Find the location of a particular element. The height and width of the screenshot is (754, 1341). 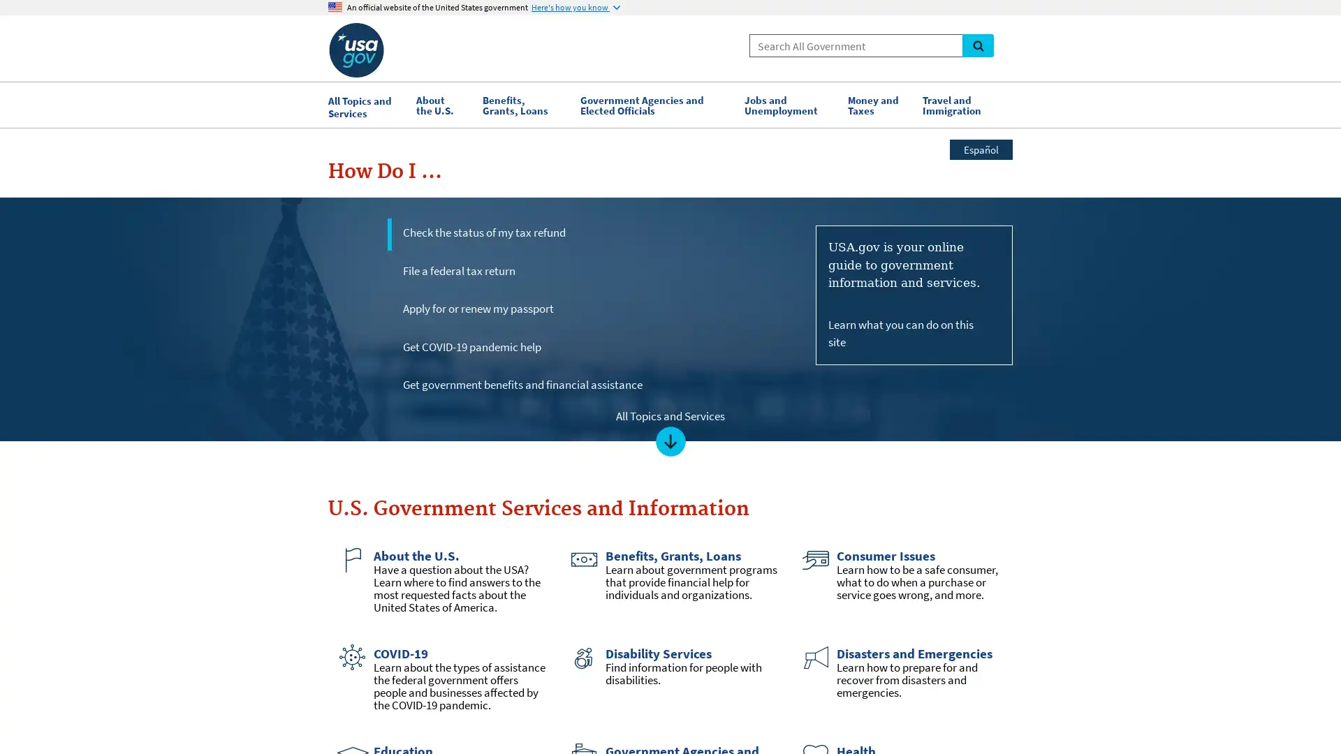

Money and Taxes is located at coordinates (877, 104).